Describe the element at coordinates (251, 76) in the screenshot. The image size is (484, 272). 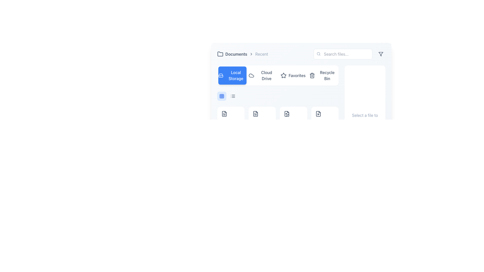
I see `the cloud-shaped icon in the navigation set located at the upper section of the interface, which is the second icon after the 'Local Storage' disk icon` at that location.